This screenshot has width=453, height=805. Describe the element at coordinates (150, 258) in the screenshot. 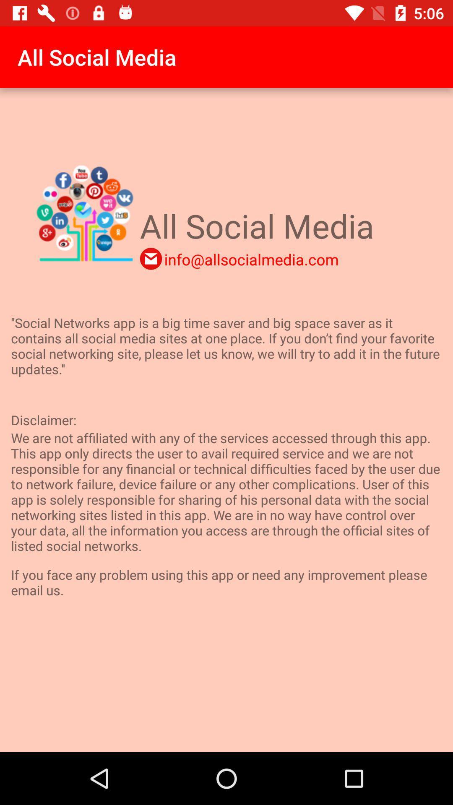

I see `the item to the left of info@allsocialmedia.com icon` at that location.